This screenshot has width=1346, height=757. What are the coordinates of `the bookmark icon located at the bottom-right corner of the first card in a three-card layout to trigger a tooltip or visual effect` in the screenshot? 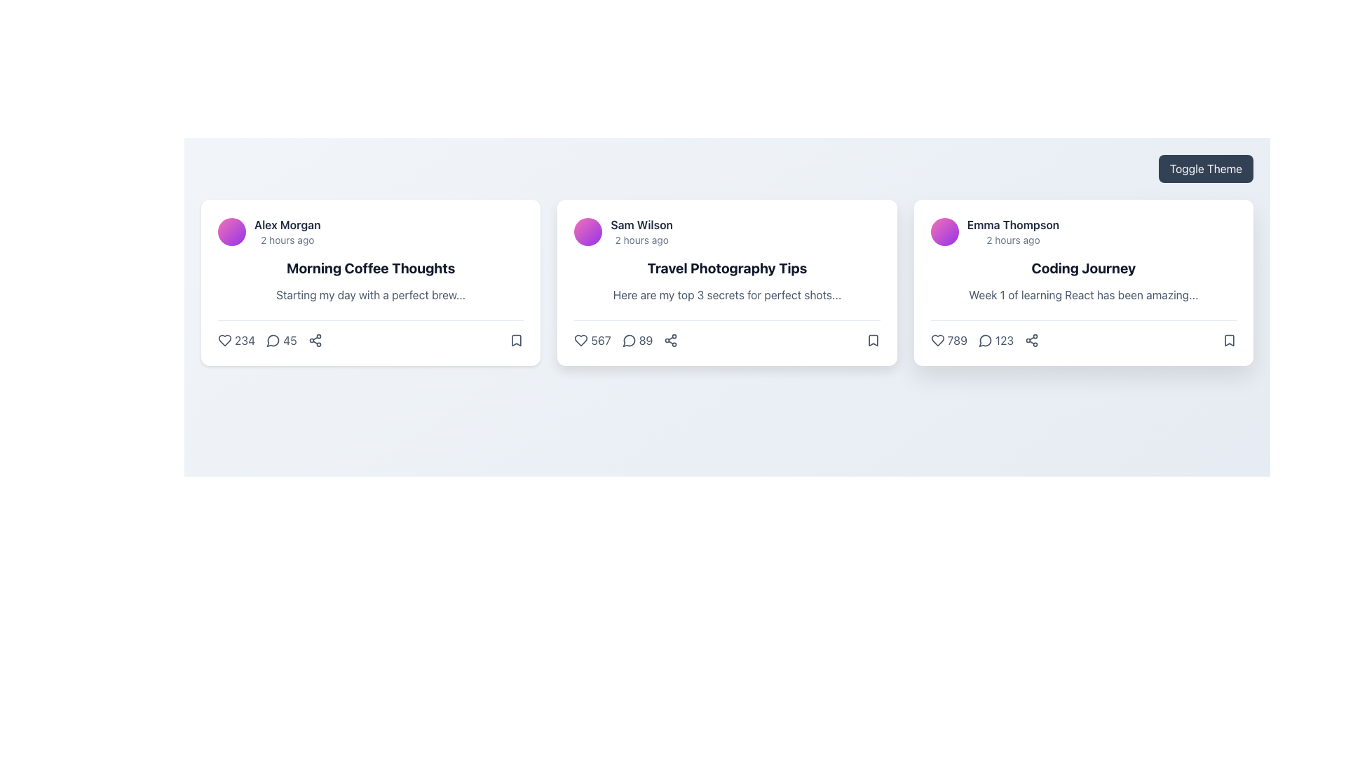 It's located at (516, 341).